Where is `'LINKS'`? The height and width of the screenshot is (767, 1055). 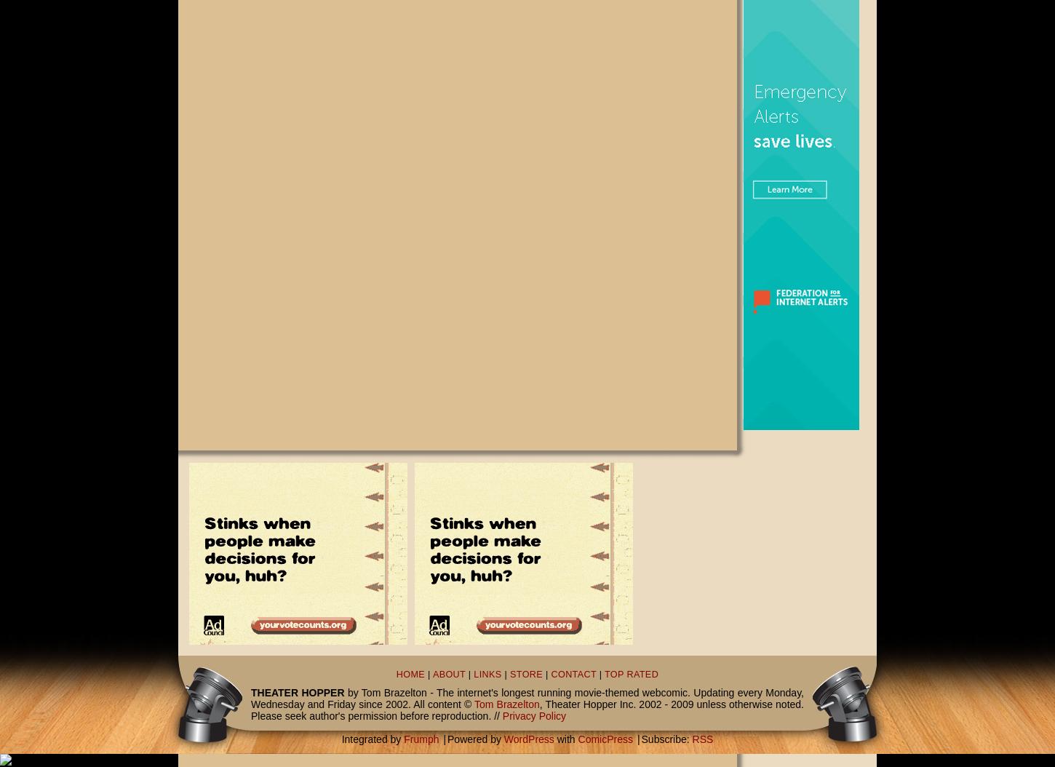
'LINKS' is located at coordinates (487, 673).